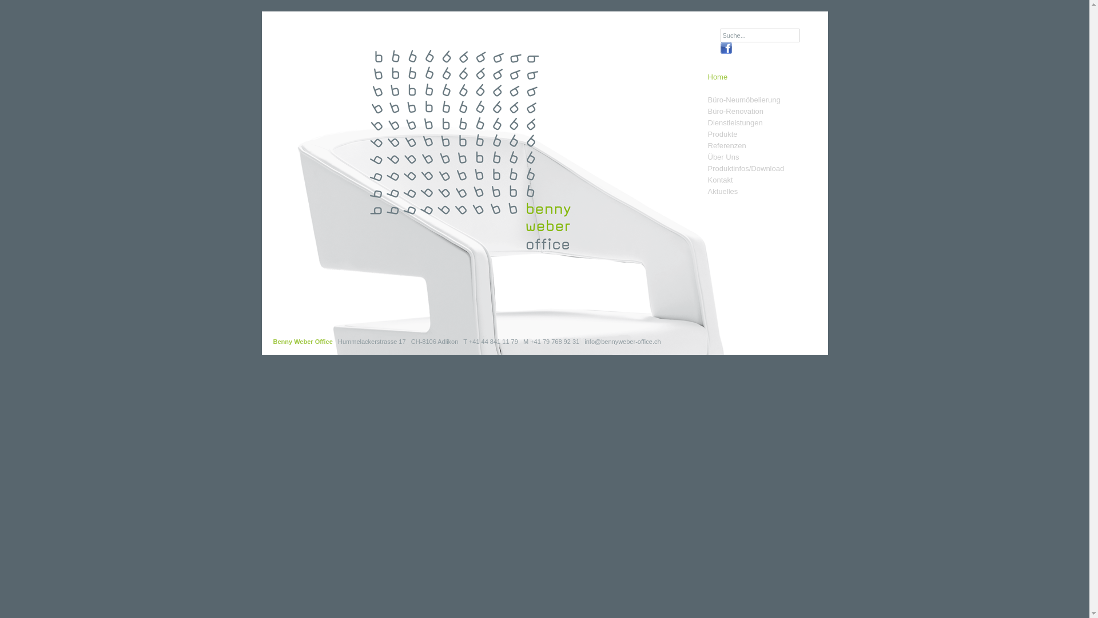 This screenshot has width=1098, height=618. I want to click on 'Produkte', so click(722, 134).